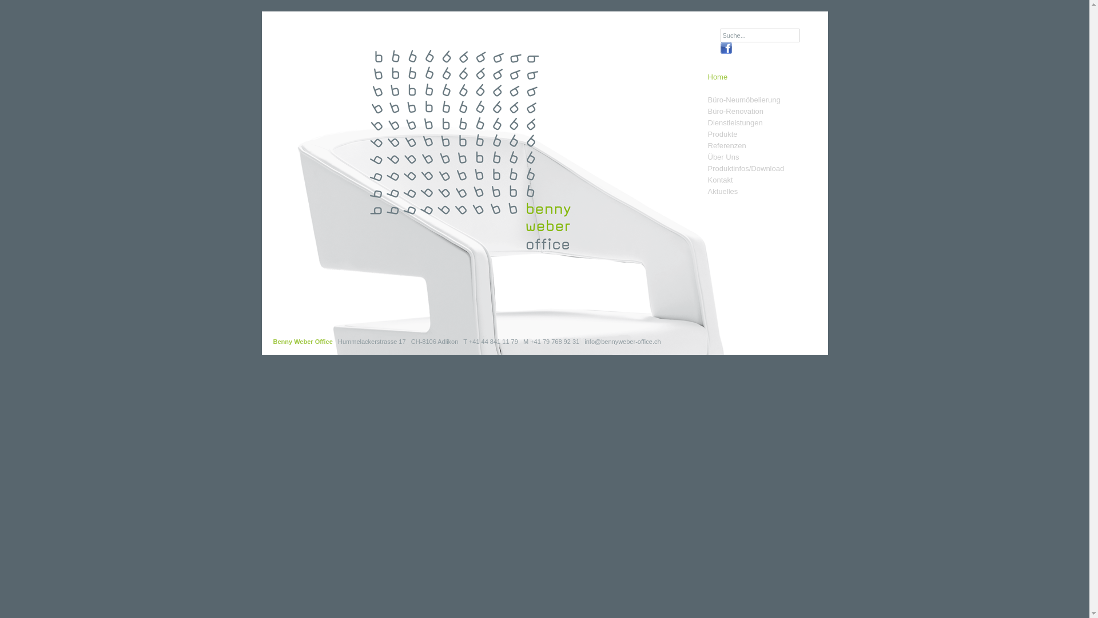 This screenshot has width=1098, height=618. I want to click on 'Produkte', so click(722, 134).